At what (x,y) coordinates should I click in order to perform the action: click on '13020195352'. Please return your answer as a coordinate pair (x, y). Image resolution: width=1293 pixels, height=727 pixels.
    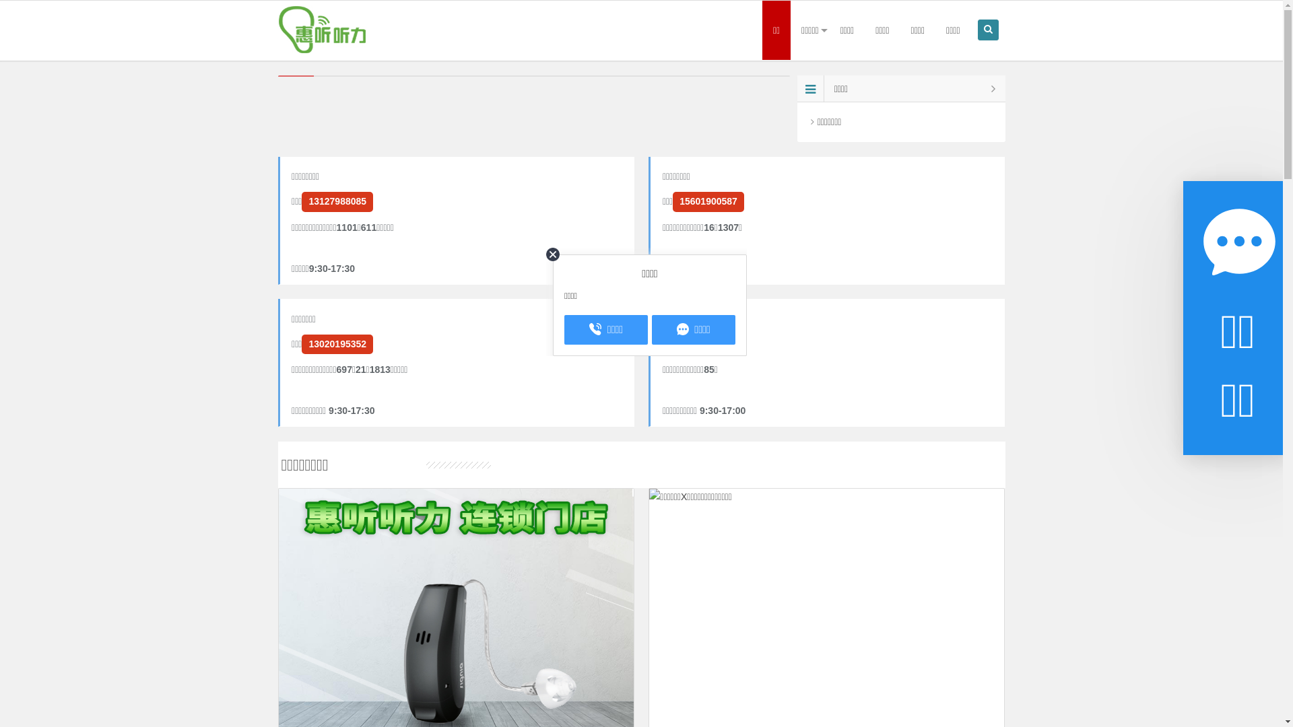
    Looking at the image, I should click on (337, 343).